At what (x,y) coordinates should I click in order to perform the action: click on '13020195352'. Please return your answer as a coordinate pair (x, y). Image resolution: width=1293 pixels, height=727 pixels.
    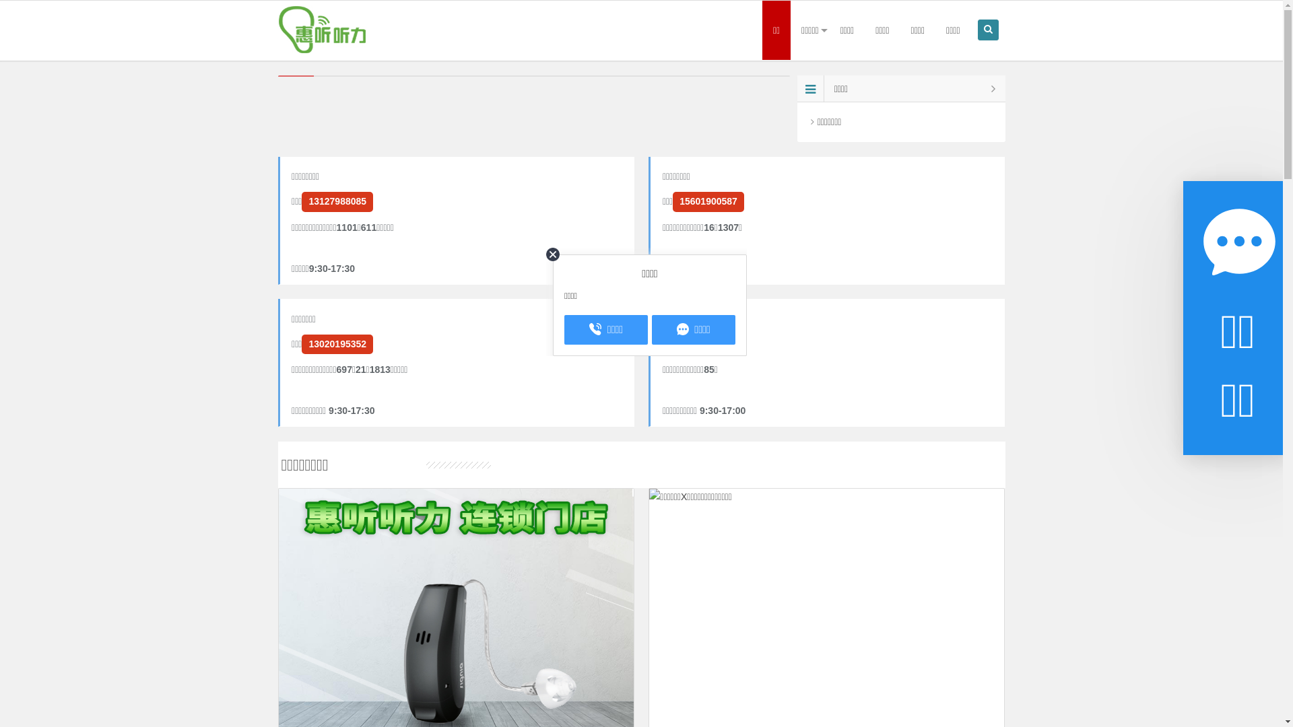
    Looking at the image, I should click on (337, 343).